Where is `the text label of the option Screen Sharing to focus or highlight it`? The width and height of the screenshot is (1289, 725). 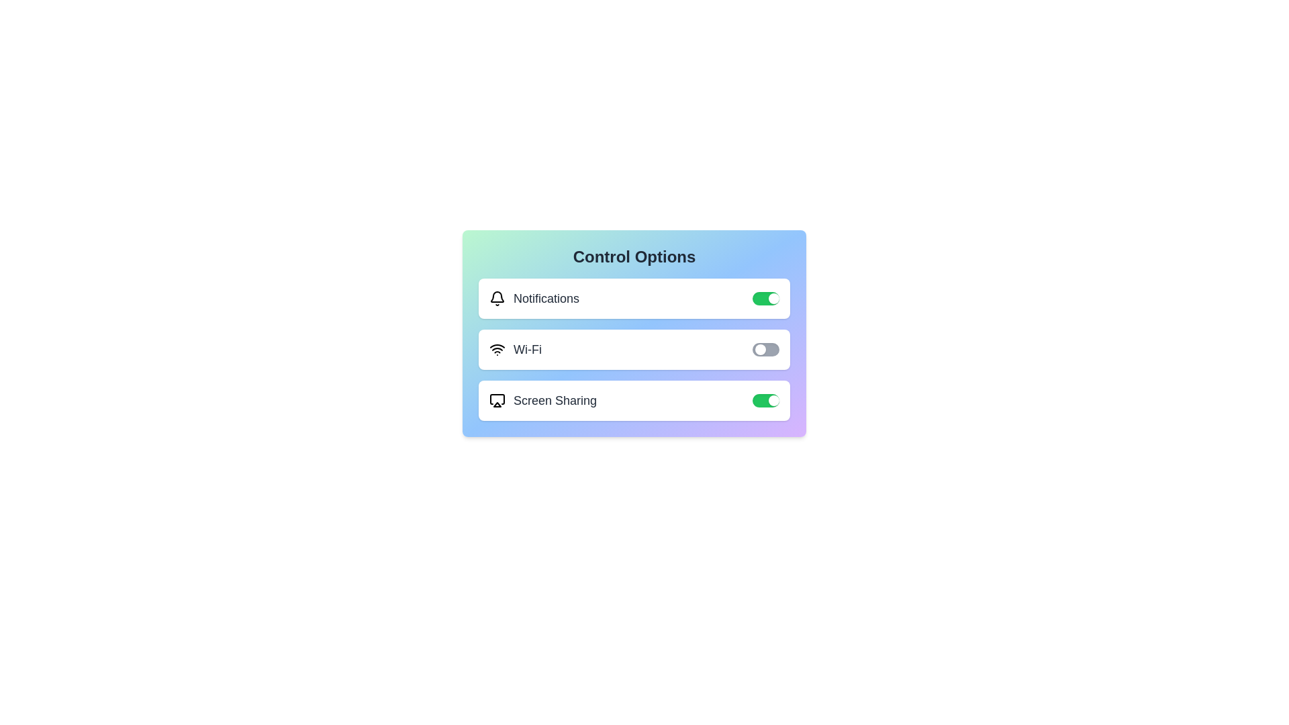
the text label of the option Screen Sharing to focus or highlight it is located at coordinates (543, 400).